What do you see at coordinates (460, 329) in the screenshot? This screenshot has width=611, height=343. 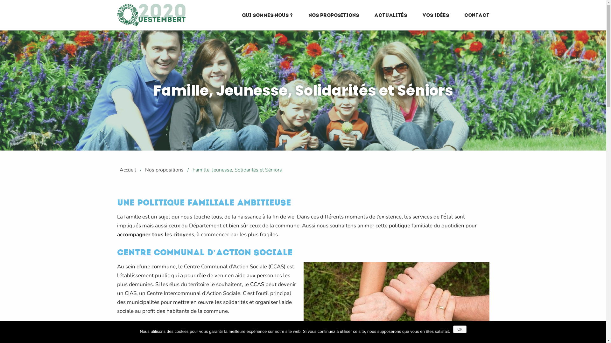 I see `'Ok'` at bounding box center [460, 329].